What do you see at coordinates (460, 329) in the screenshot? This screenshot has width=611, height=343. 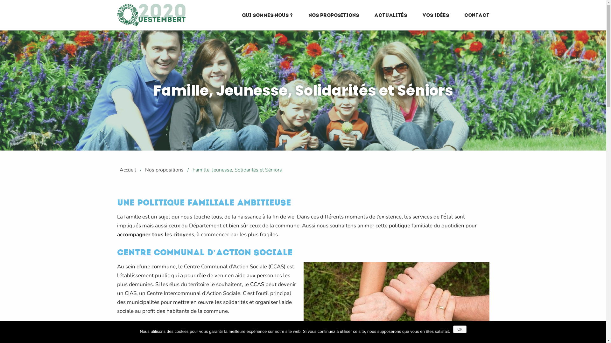 I see `'Ok'` at bounding box center [460, 329].